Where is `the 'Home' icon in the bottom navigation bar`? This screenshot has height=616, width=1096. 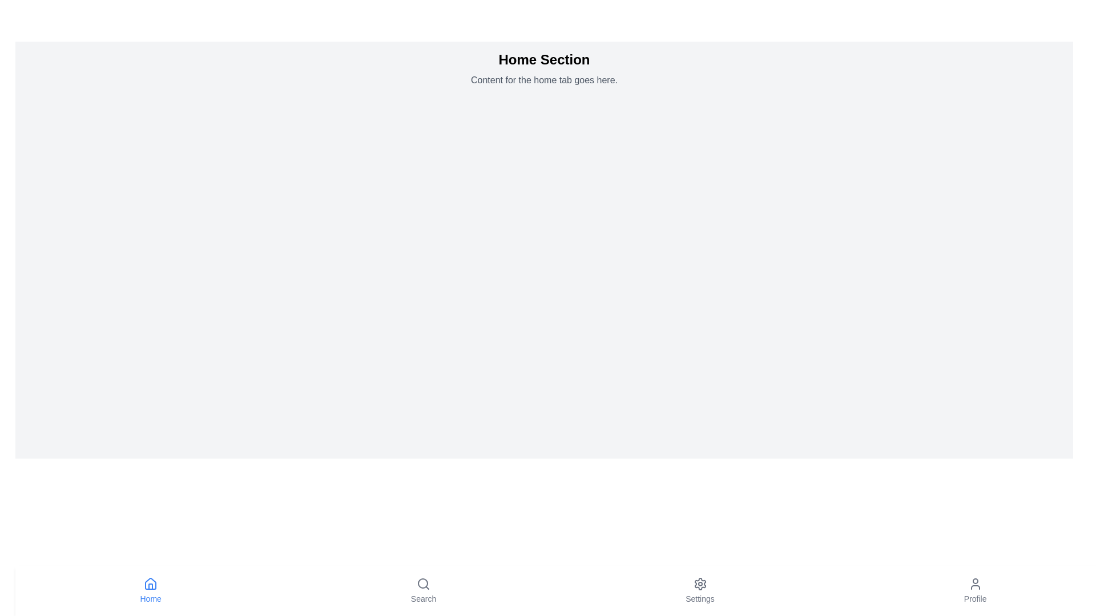 the 'Home' icon in the bottom navigation bar is located at coordinates (150, 583).